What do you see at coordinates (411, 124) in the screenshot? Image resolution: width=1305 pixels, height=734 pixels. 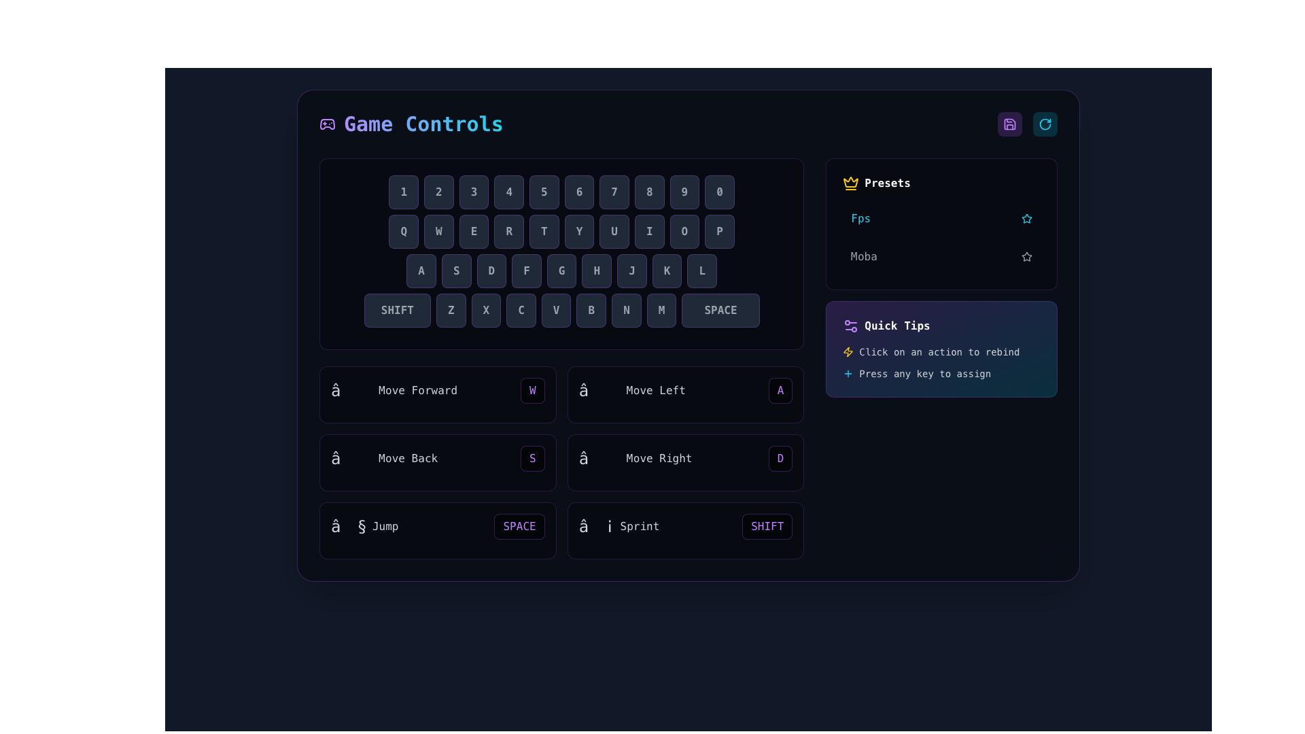 I see `text of the heading indicating game controls, which is the first visible item in the top section of the interface` at bounding box center [411, 124].